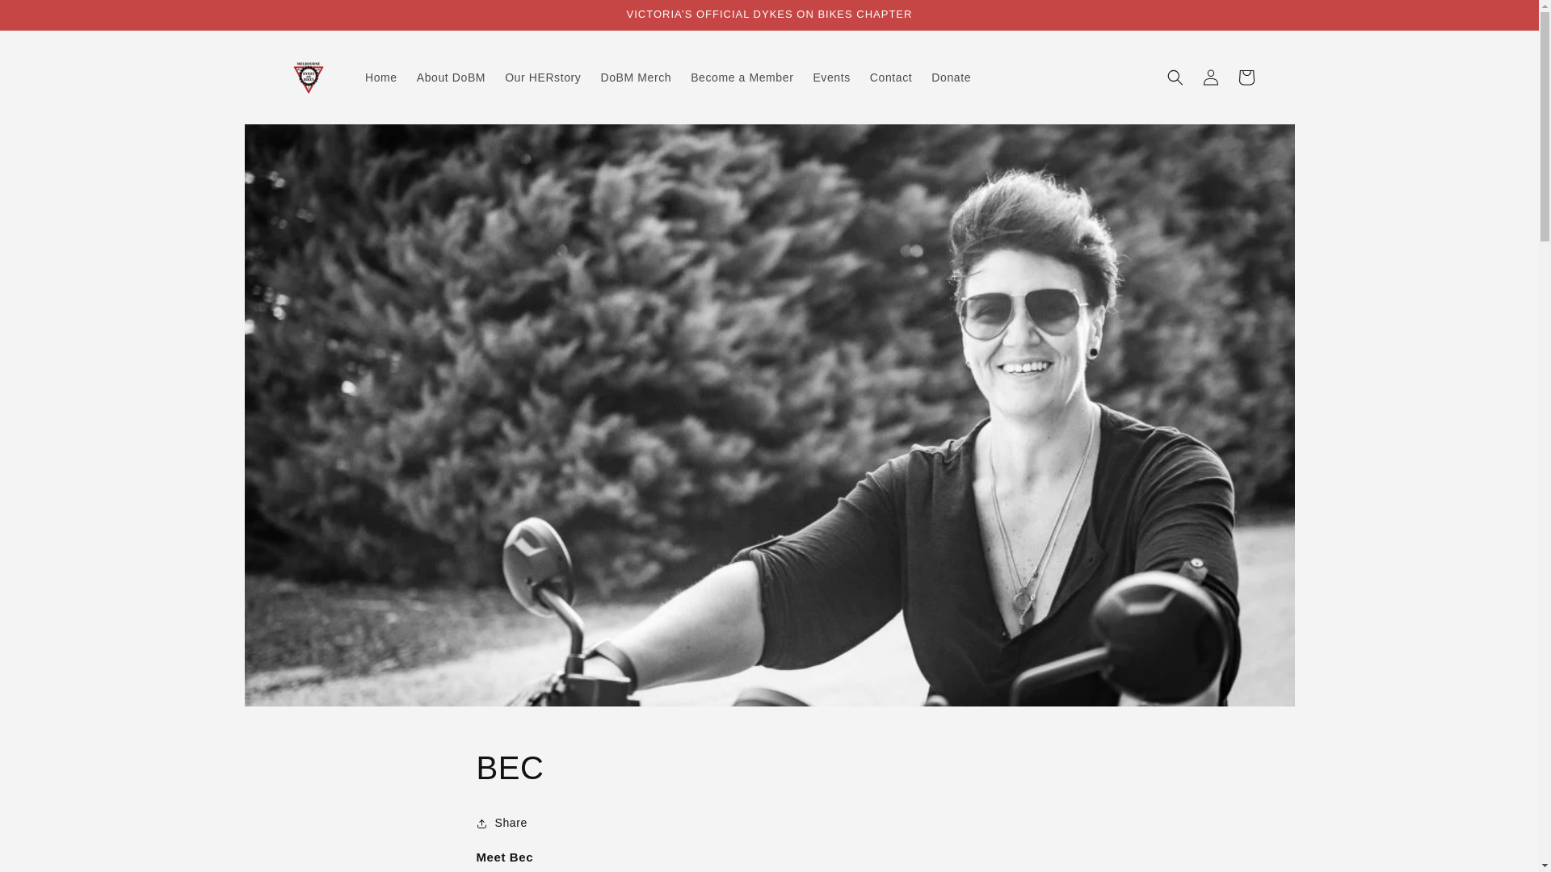  I want to click on 'Donate', so click(922, 78).